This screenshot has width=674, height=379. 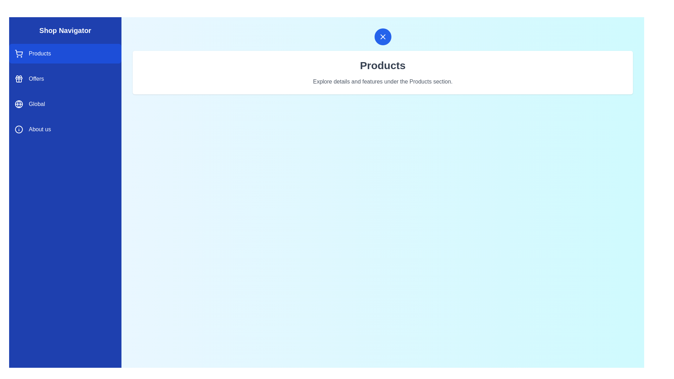 I want to click on the drawer title text to focus on it, so click(x=65, y=30).